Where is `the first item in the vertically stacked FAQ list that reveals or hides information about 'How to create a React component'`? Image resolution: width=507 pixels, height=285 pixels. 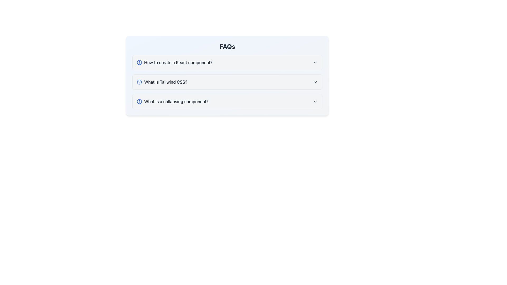 the first item in the vertically stacked FAQ list that reveals or hides information about 'How to create a React component' is located at coordinates (227, 62).